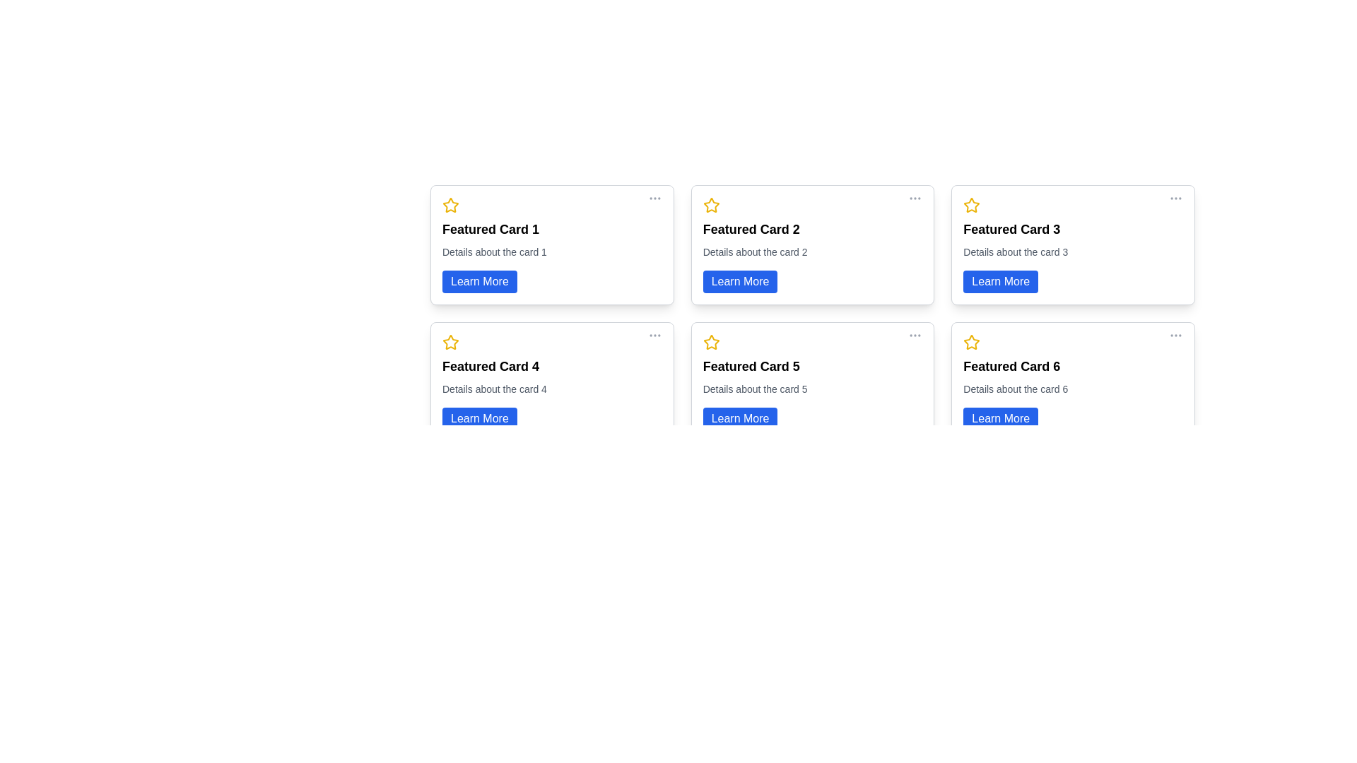 This screenshot has width=1357, height=763. Describe the element at coordinates (490, 366) in the screenshot. I see `the Text Label that serves as the title for the card, which is located in the second row and first column of a grid layout` at that location.